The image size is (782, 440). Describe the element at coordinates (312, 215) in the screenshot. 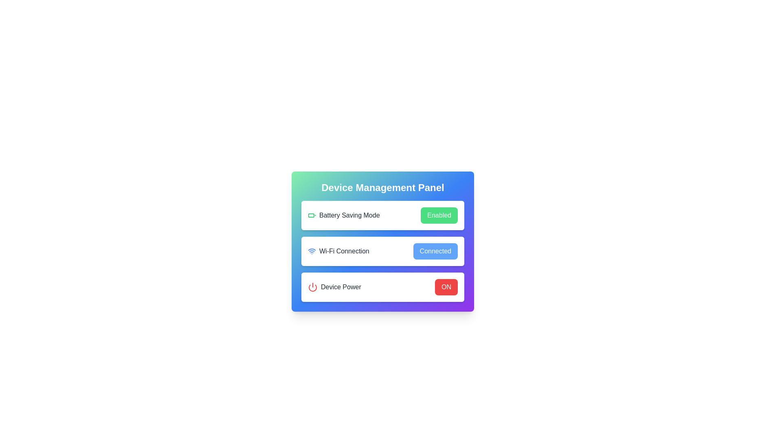

I see `the green battery icon in the 'Battery Saving Mode' row of the 'Device Management Panel'` at that location.